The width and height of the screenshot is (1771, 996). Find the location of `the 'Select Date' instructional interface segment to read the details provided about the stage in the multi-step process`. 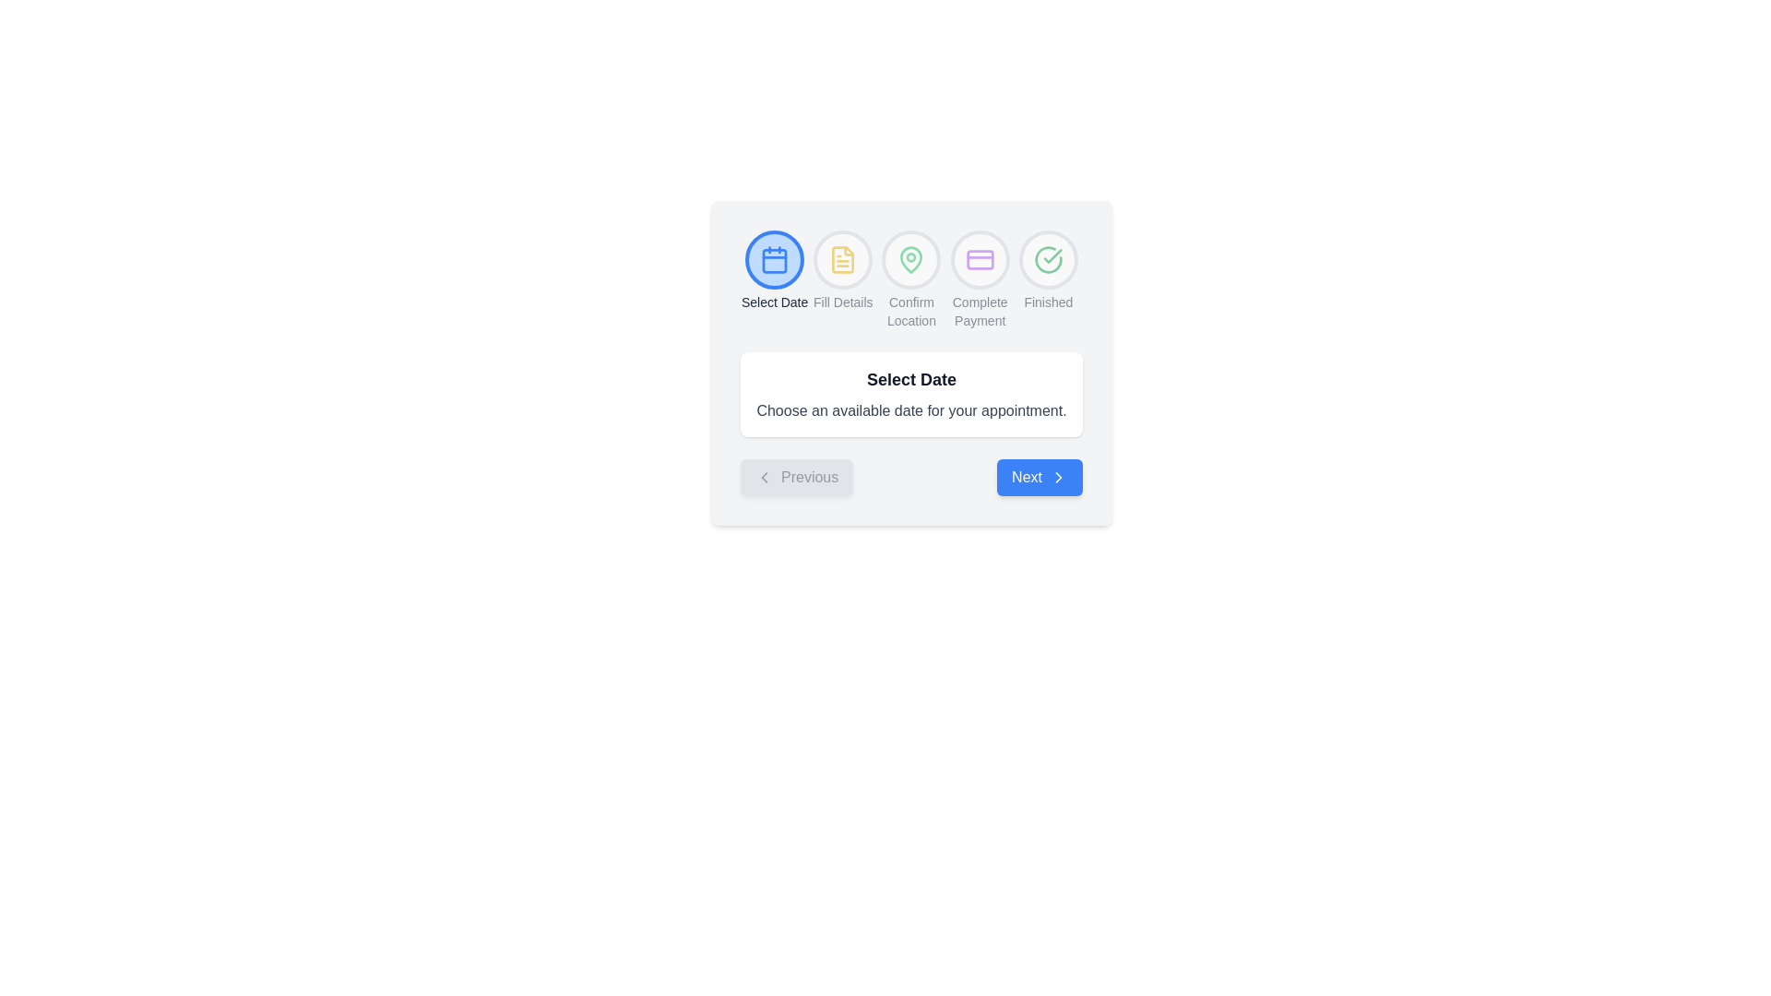

the 'Select Date' instructional interface segment to read the details provided about the stage in the multi-step process is located at coordinates (911, 362).